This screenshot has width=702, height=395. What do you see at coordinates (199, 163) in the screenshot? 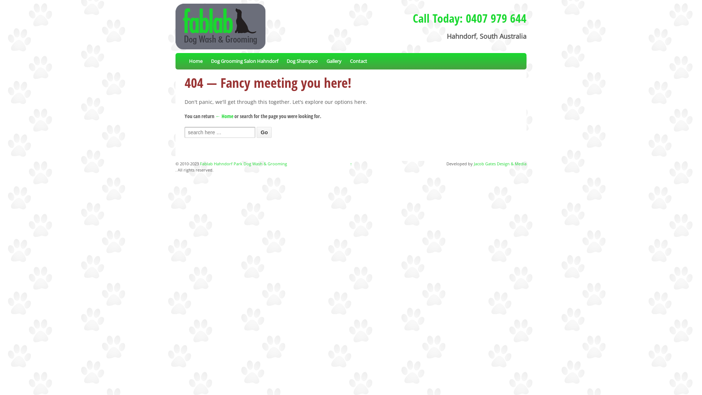
I see `'Fablab Hahndorf Park Dog Wash & Grooming'` at bounding box center [199, 163].